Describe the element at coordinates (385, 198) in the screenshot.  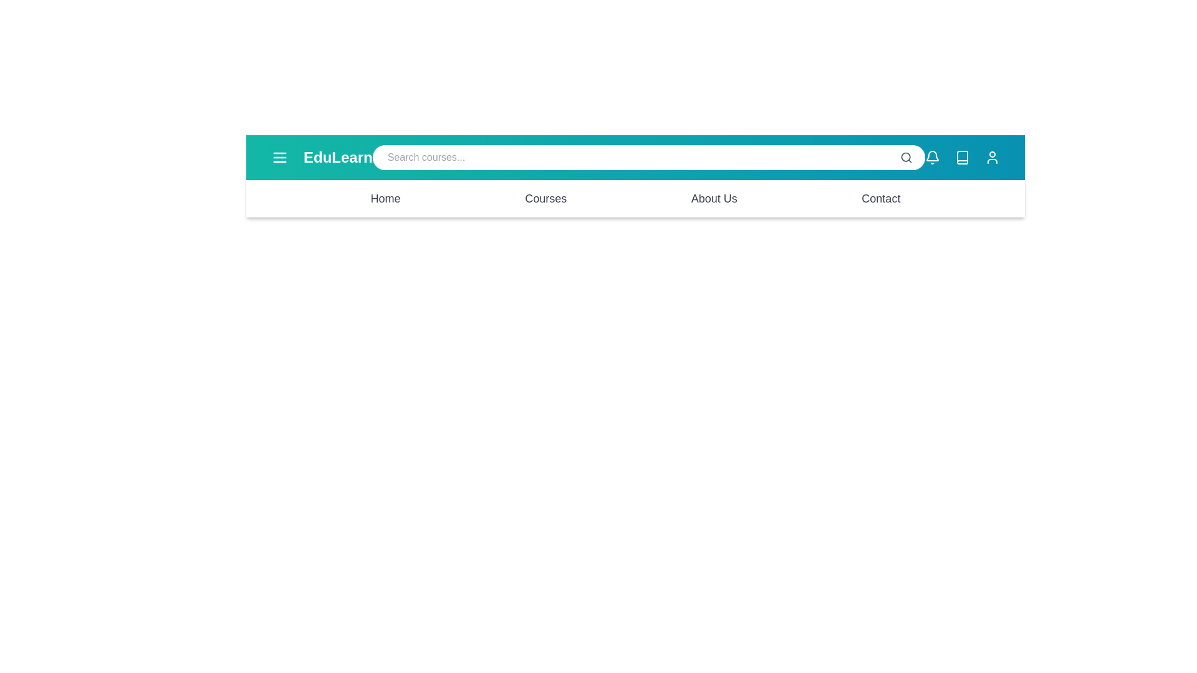
I see `the 'Home' menu item to navigate to the 'Home' section` at that location.